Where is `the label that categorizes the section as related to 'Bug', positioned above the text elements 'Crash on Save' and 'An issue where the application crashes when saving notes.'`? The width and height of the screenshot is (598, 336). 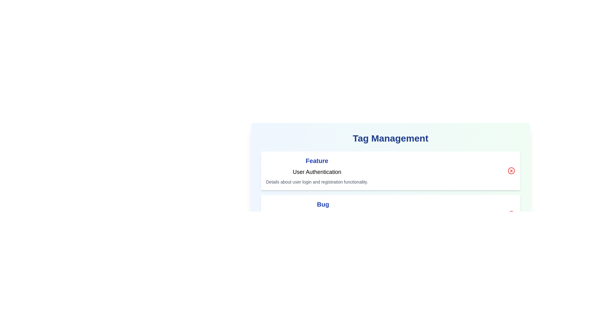 the label that categorizes the section as related to 'Bug', positioned above the text elements 'Crash on Save' and 'An issue where the application crashes when saving notes.' is located at coordinates (323, 204).